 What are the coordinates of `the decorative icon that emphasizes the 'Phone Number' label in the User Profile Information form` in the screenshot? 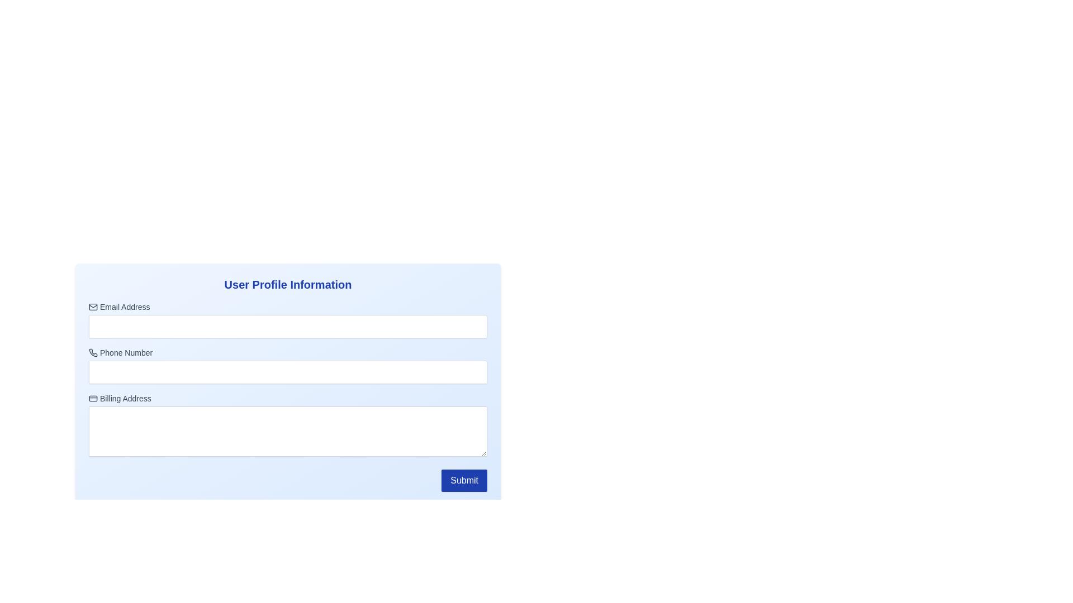 It's located at (93, 353).